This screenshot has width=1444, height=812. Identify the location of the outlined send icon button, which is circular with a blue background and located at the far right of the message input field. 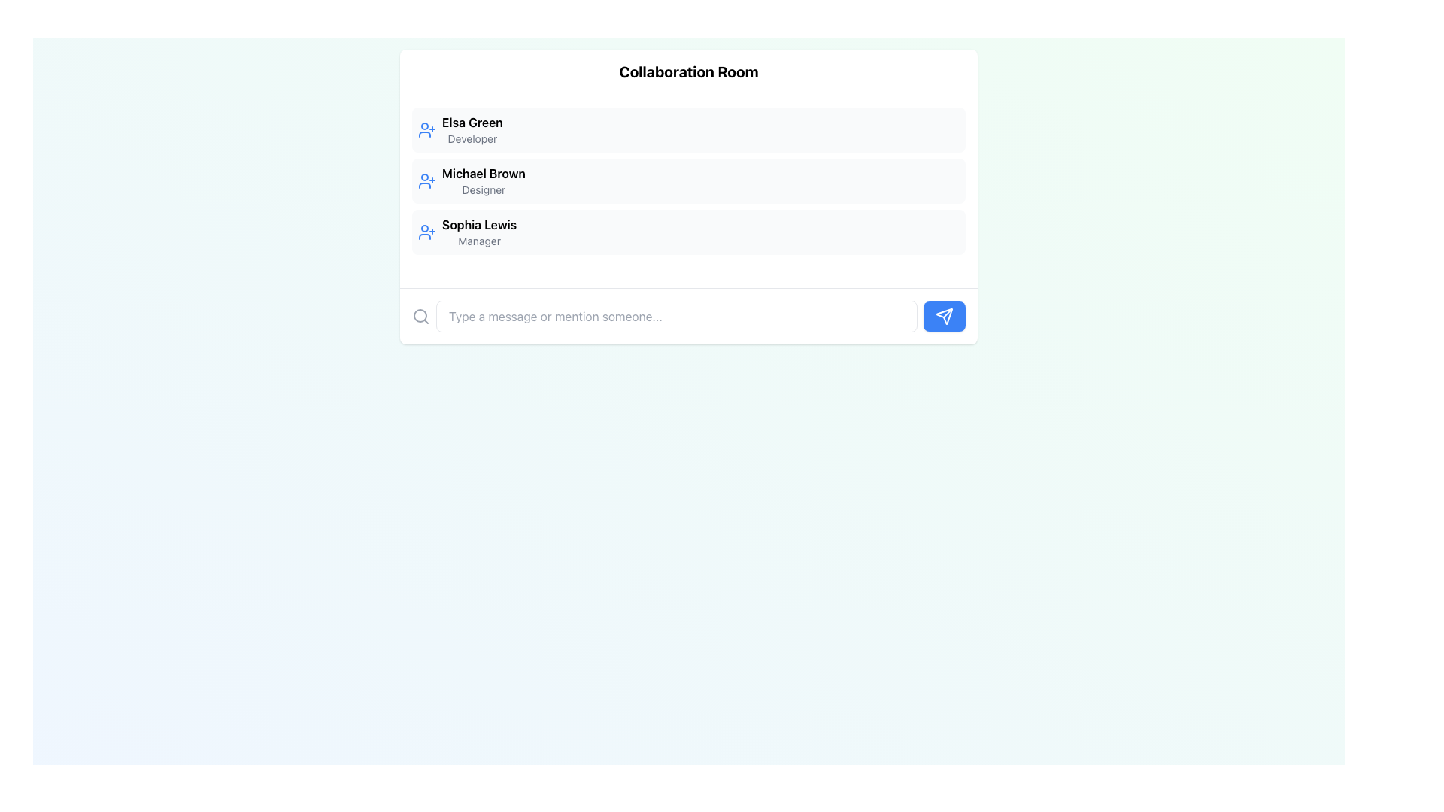
(944, 315).